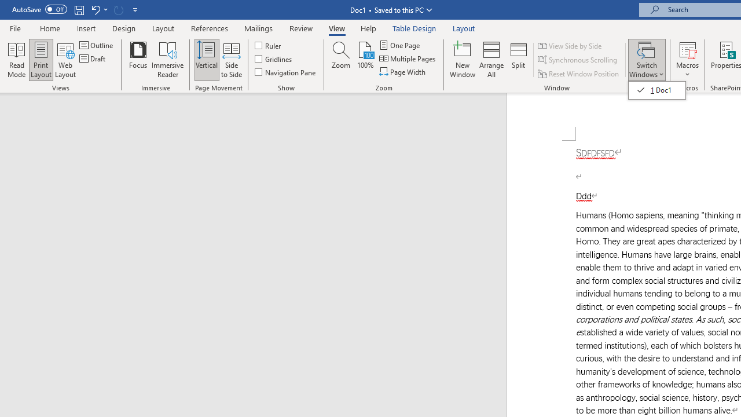  I want to click on 'Web Layout', so click(65, 60).